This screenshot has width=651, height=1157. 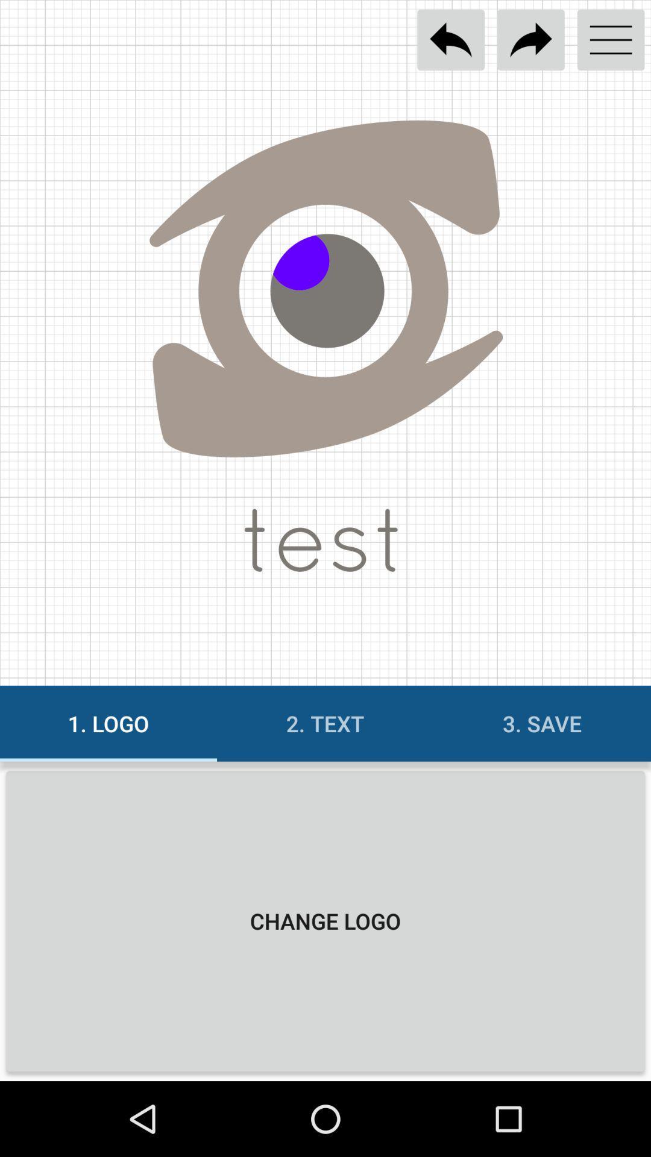 What do you see at coordinates (530, 40) in the screenshot?
I see `the share options` at bounding box center [530, 40].